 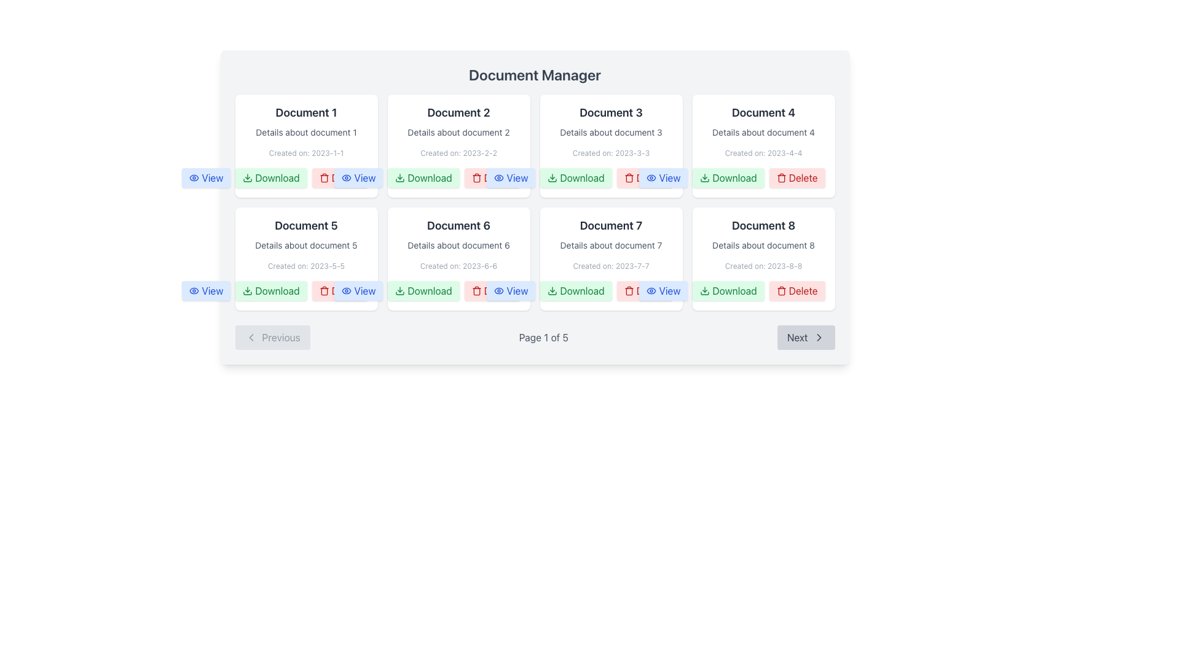 What do you see at coordinates (781, 177) in the screenshot?
I see `the red trash can icon inside the 'Delete' button` at bounding box center [781, 177].